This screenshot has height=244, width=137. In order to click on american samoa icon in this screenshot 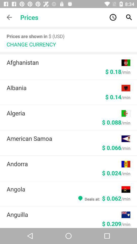, I will do `click(64, 138)`.